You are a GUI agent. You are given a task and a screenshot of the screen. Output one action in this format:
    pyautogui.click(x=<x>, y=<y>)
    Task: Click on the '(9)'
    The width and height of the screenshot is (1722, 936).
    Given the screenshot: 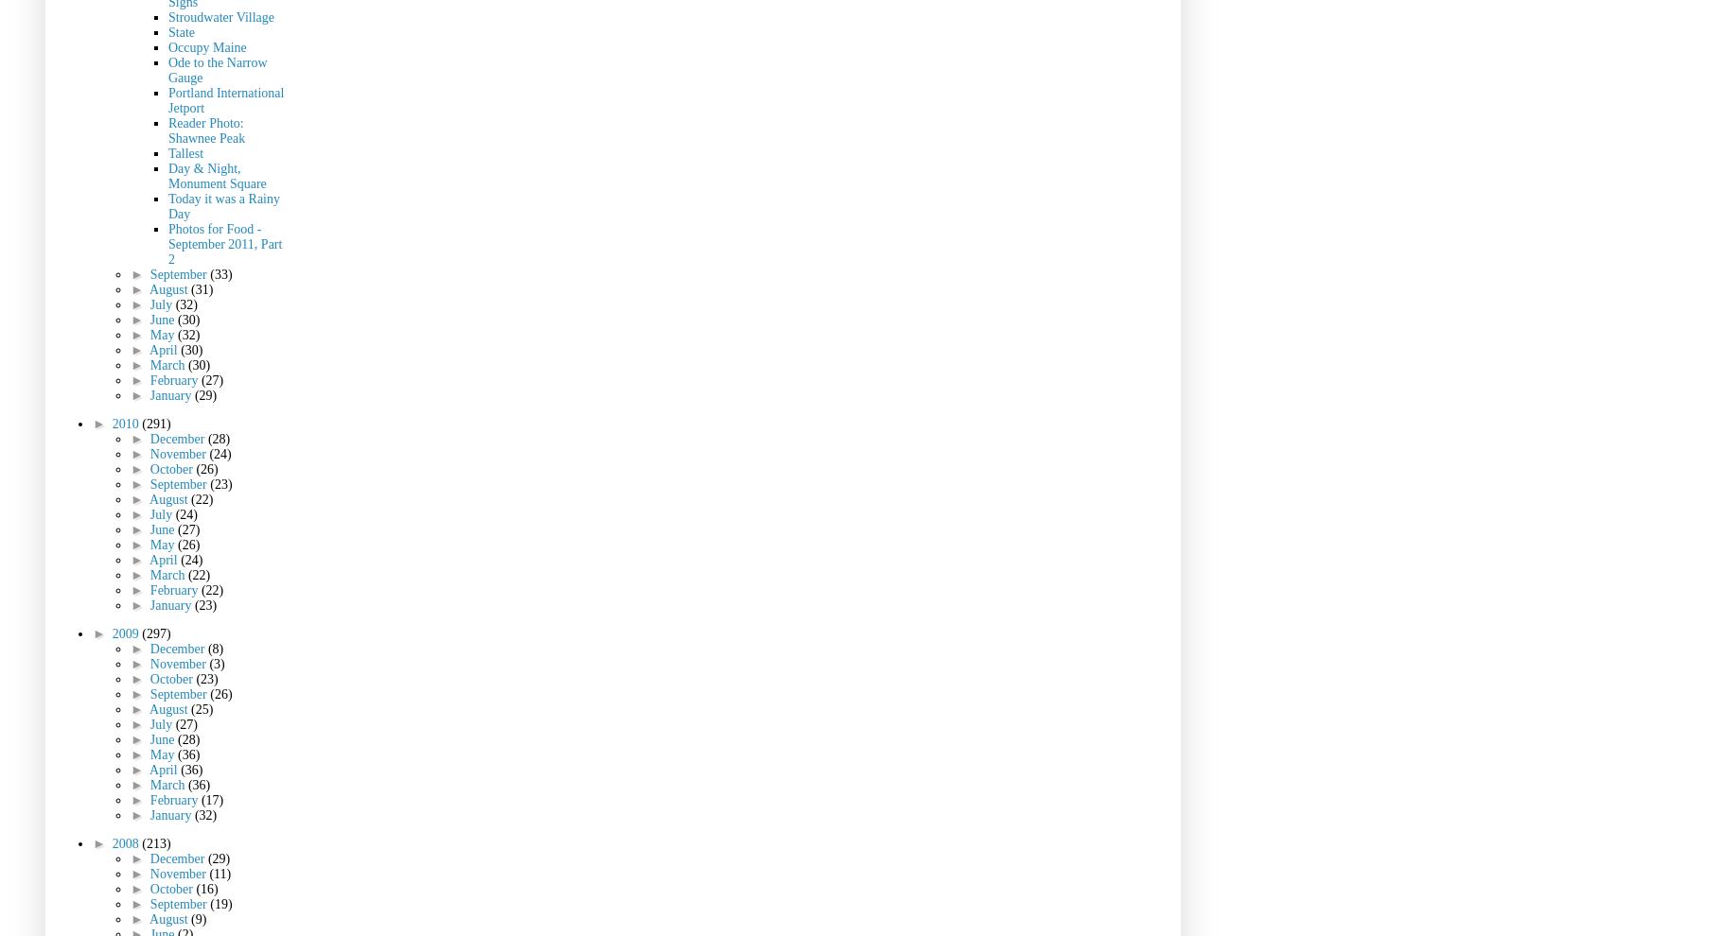 What is the action you would take?
    pyautogui.click(x=199, y=918)
    